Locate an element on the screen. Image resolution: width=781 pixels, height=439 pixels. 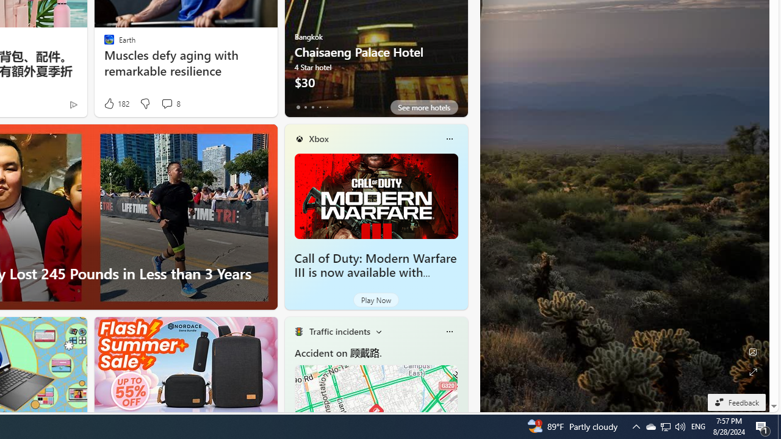
'Change scenarios' is located at coordinates (378, 331).